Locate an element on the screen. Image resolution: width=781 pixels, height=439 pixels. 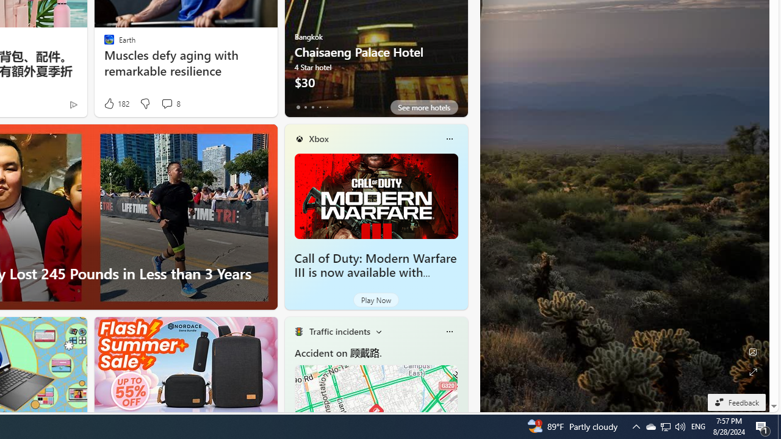
'Change scenarios' is located at coordinates (378, 331).